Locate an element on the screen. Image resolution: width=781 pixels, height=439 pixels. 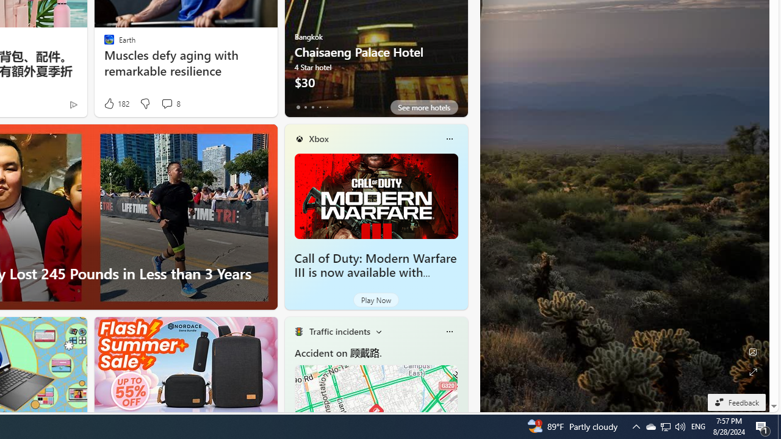
'Change scenarios' is located at coordinates (378, 331).